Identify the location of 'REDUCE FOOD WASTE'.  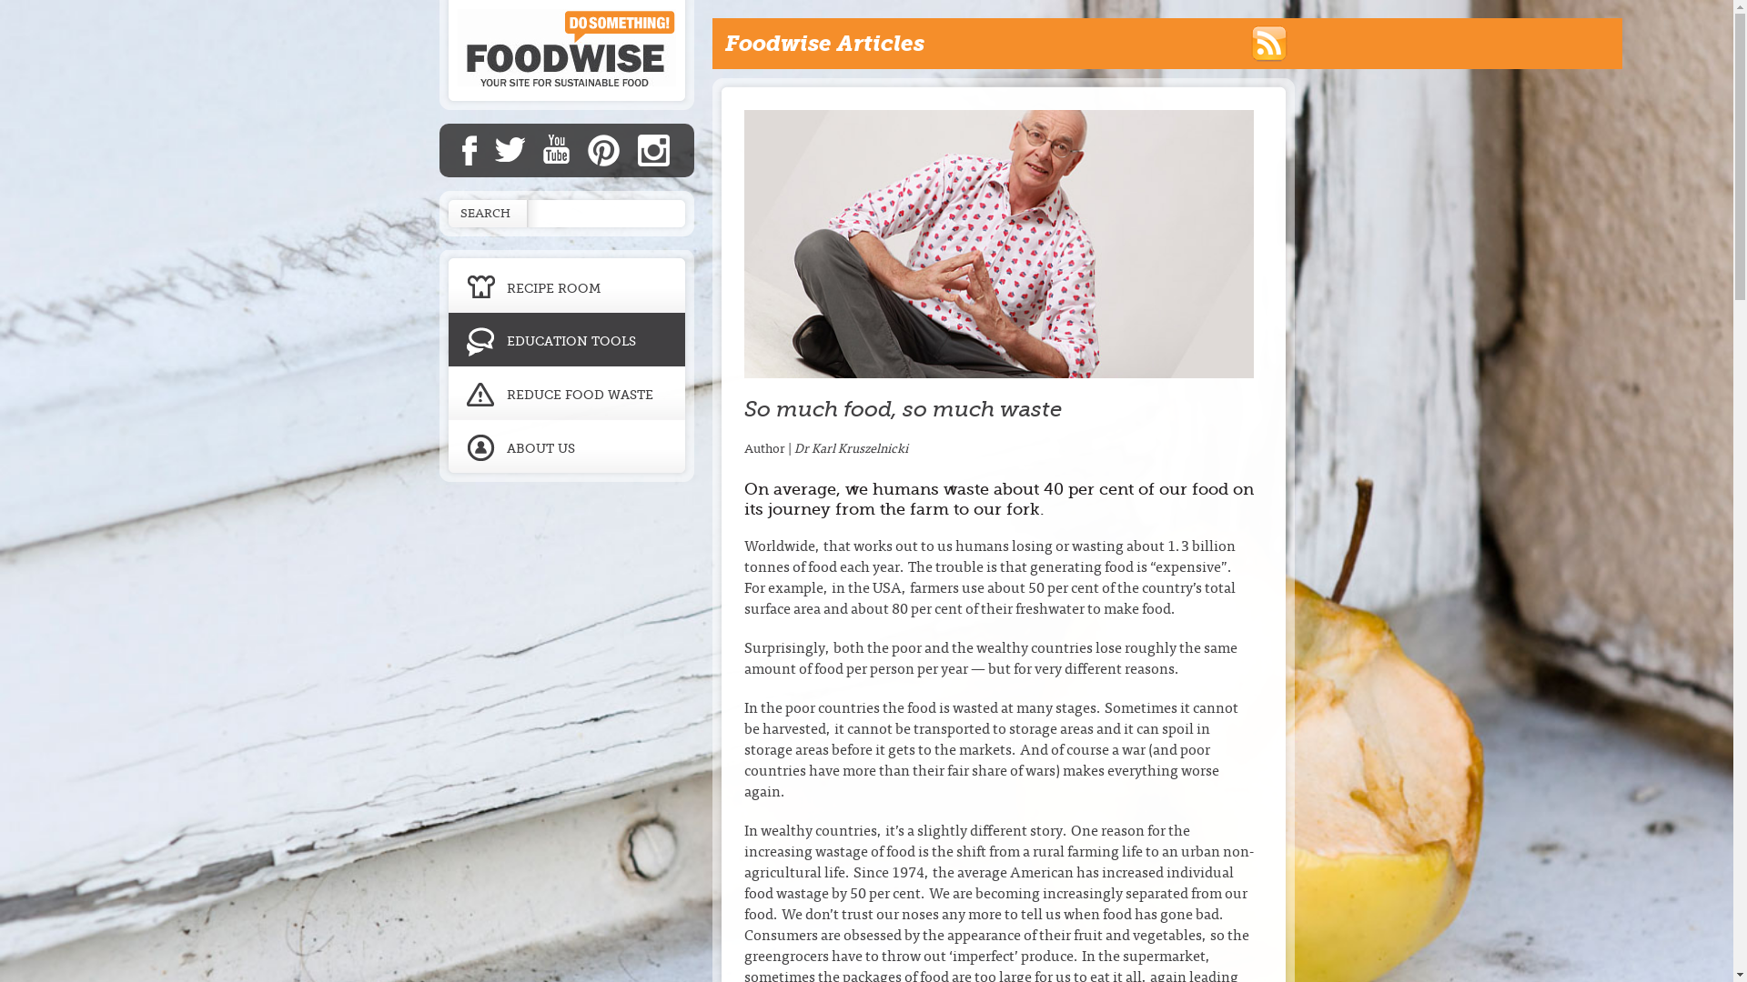
(565, 392).